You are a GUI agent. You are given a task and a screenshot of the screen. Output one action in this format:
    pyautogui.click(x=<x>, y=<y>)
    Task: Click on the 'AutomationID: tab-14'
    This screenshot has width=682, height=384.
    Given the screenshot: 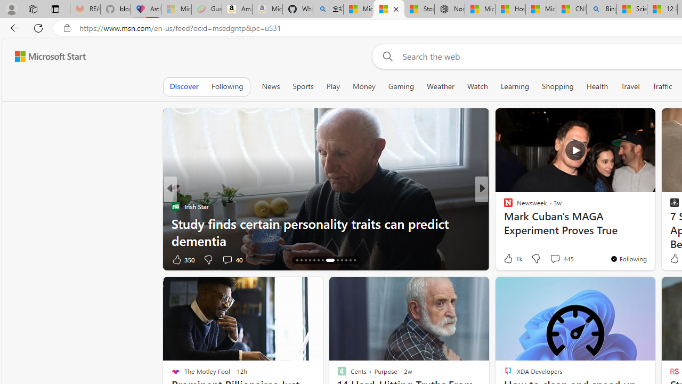 What is the action you would take?
    pyautogui.click(x=297, y=260)
    